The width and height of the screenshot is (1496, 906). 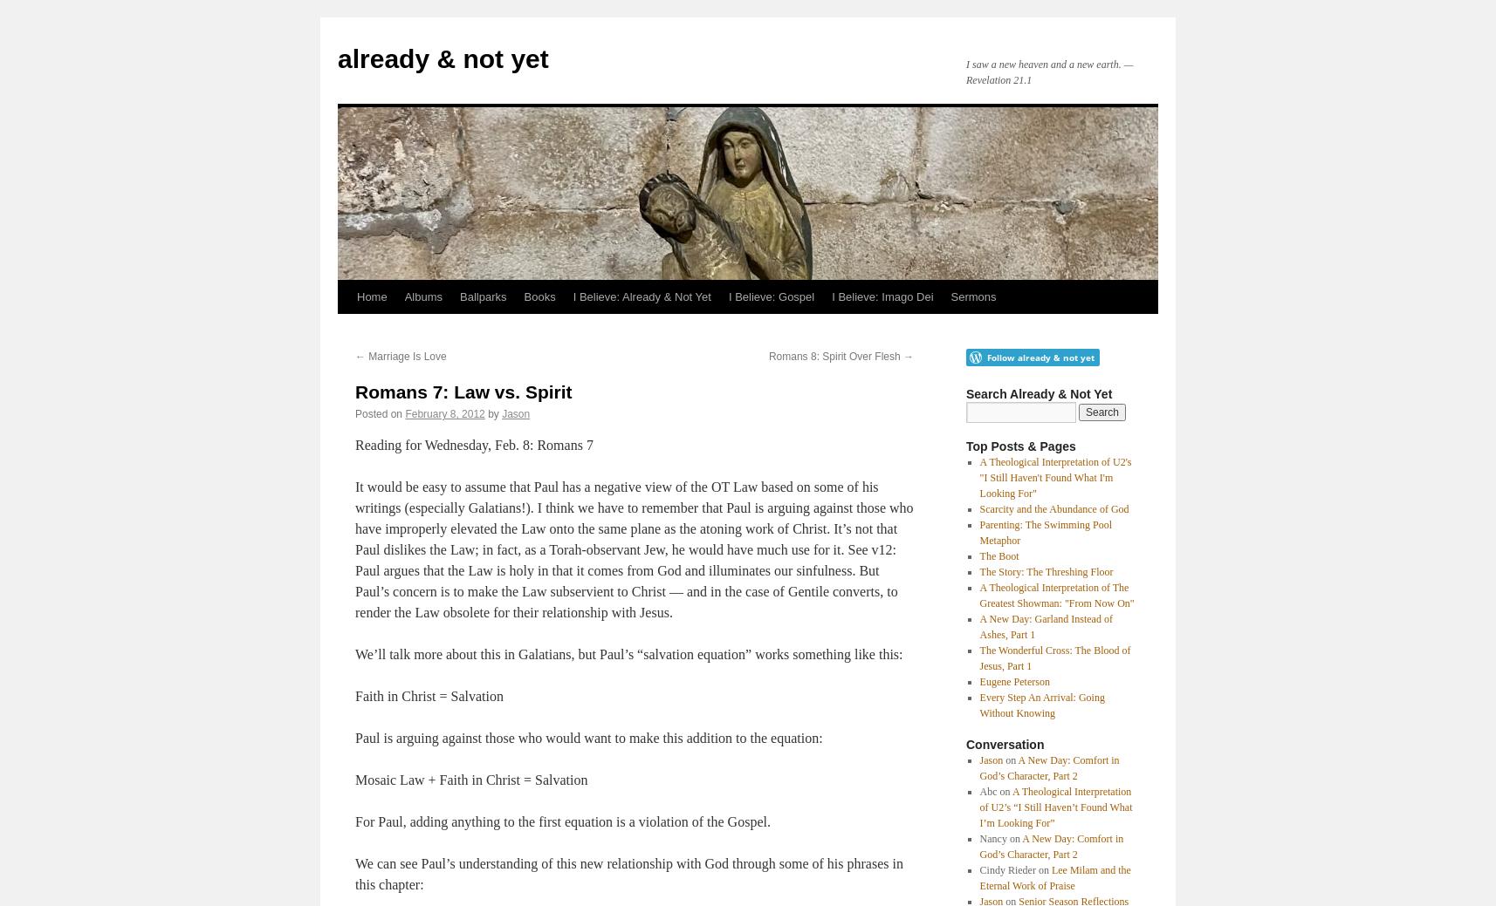 What do you see at coordinates (1054, 807) in the screenshot?
I see `'A Theological Interpretation of U2’s “I Still Haven’t Found What I’m Looking For”'` at bounding box center [1054, 807].